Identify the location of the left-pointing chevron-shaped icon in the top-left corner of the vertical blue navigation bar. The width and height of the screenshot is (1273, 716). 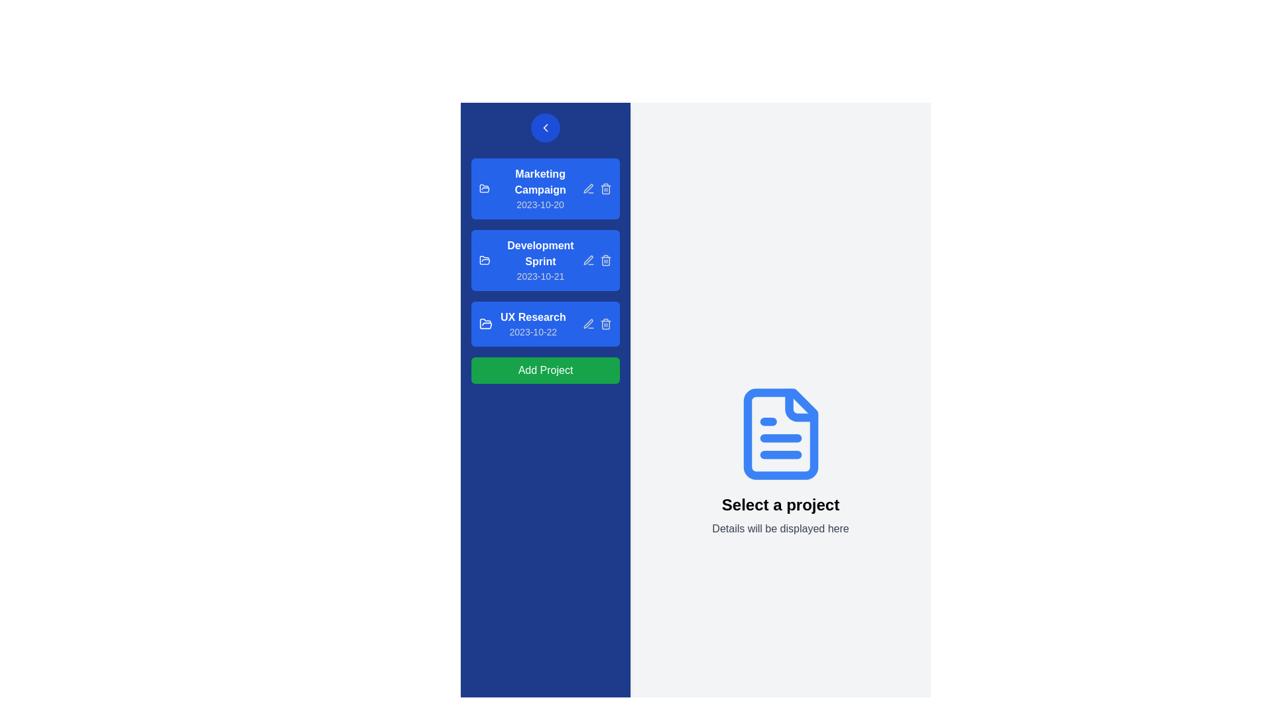
(545, 127).